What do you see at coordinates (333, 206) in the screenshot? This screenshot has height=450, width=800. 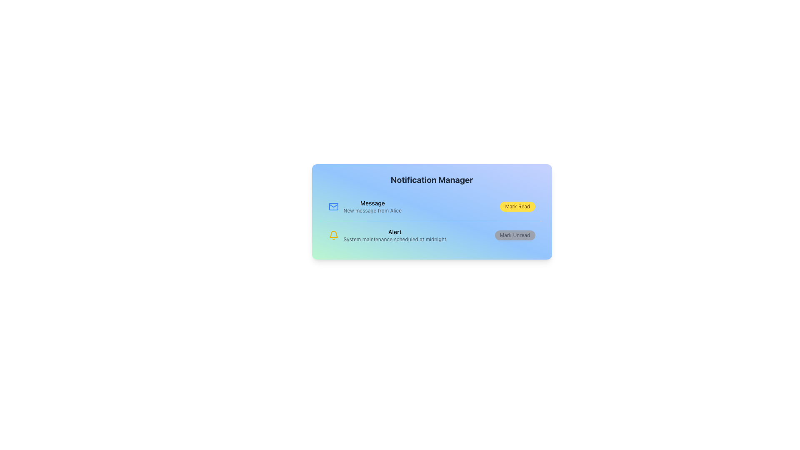 I see `the SVG icon that indicates a new message notification from Alice, located to the left of the text content` at bounding box center [333, 206].